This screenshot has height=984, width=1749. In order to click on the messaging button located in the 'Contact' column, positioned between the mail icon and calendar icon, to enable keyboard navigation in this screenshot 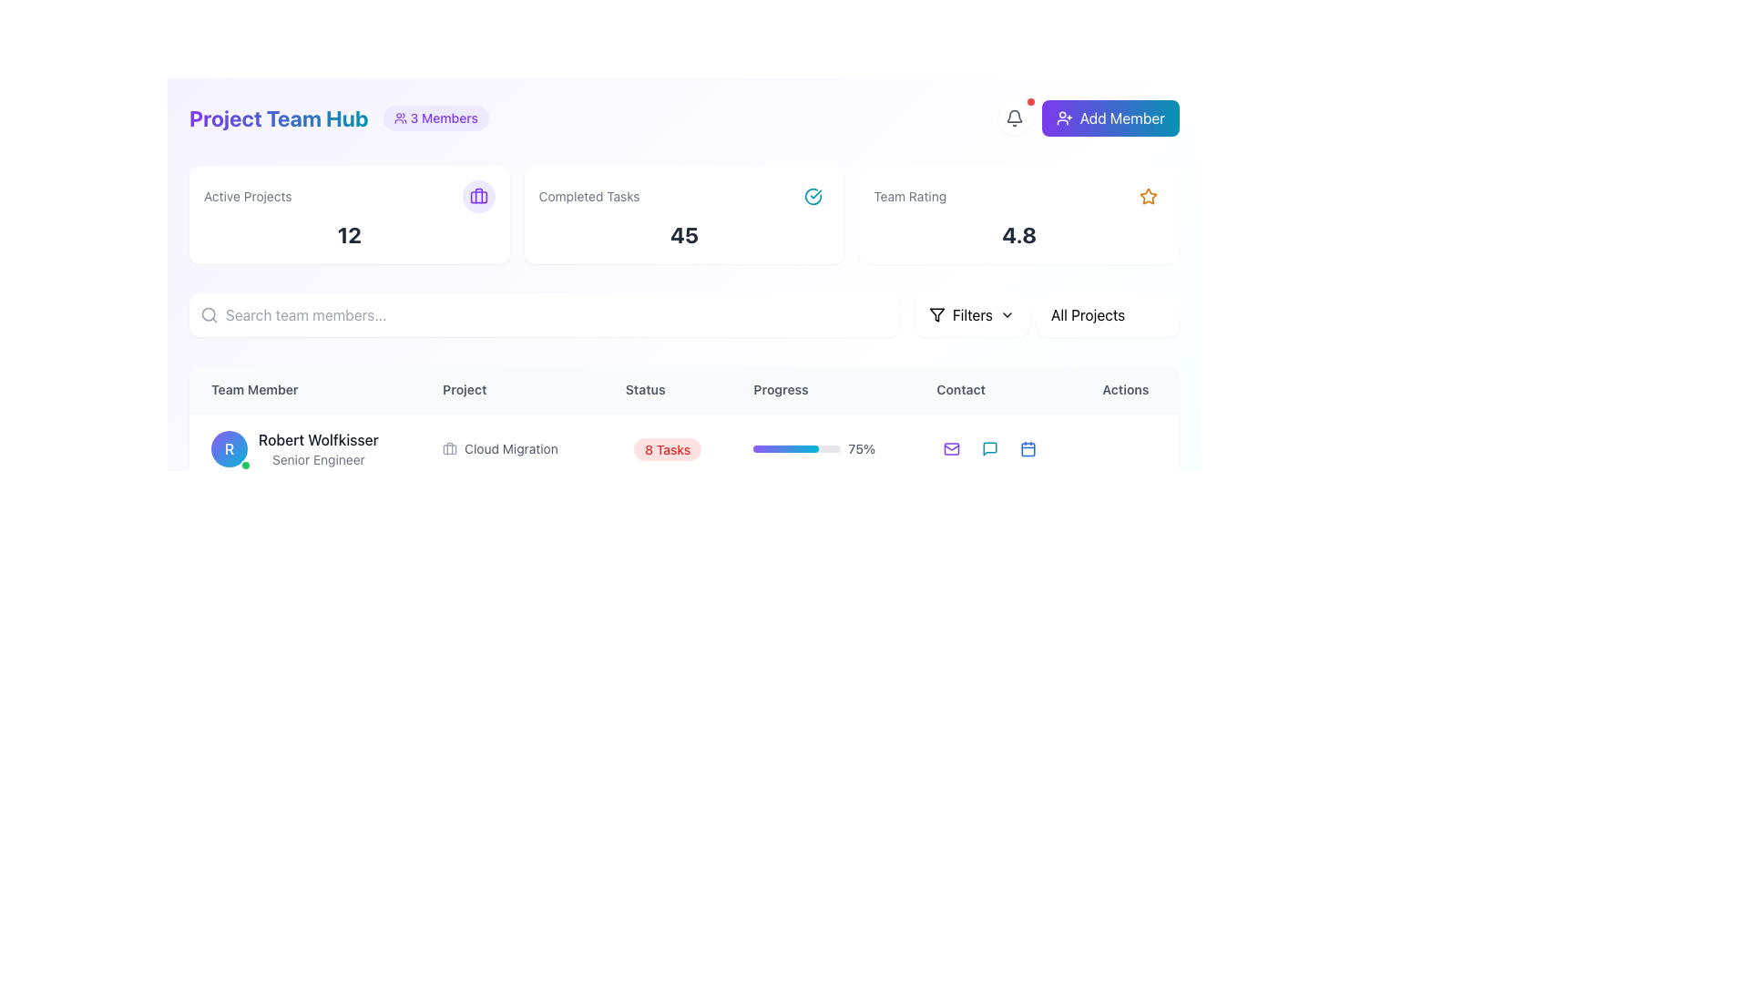, I will do `click(989, 518)`.